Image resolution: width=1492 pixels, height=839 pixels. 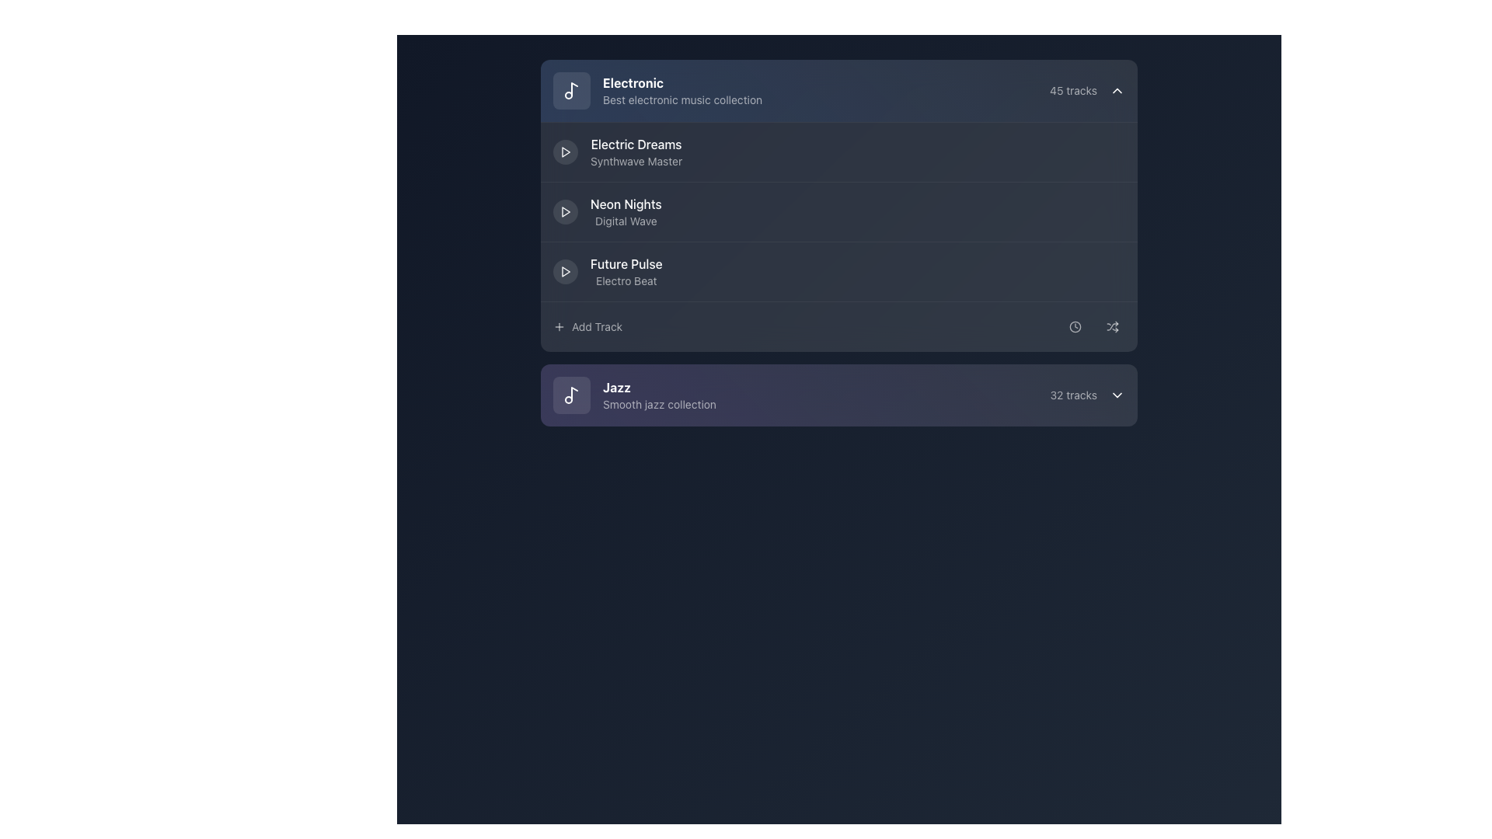 I want to click on the play button located on the left side of the track listing for 'Future Pulse' in the 'Electronic' music collection to initiate playback of the audio track, so click(x=565, y=271).